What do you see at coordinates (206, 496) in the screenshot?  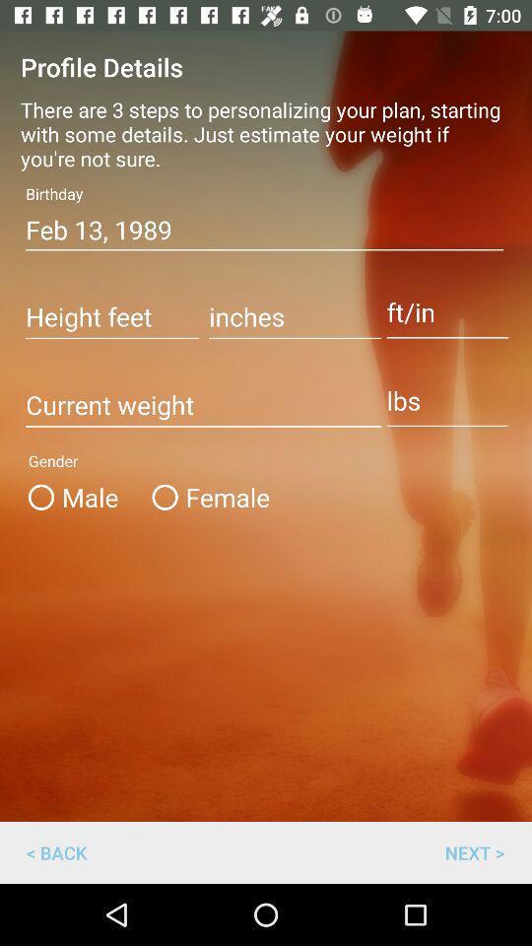 I see `the item to the right of male item` at bounding box center [206, 496].